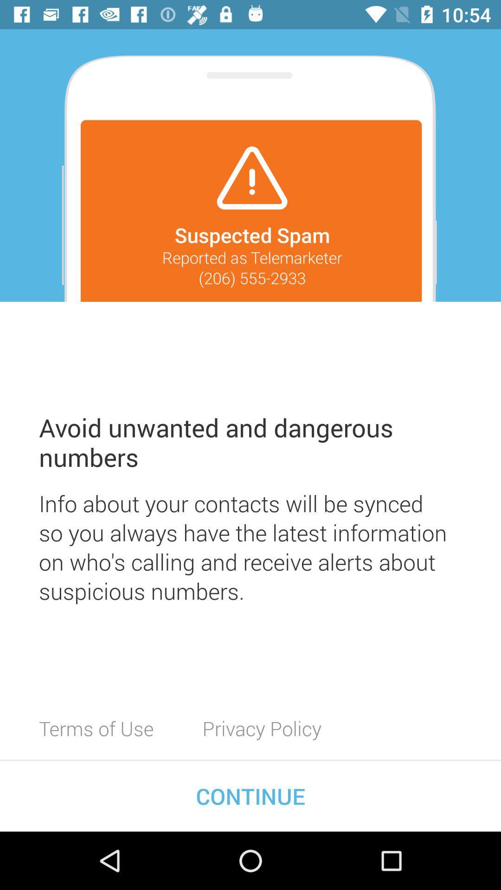 This screenshot has height=890, width=501. What do you see at coordinates (250, 795) in the screenshot?
I see `continue` at bounding box center [250, 795].